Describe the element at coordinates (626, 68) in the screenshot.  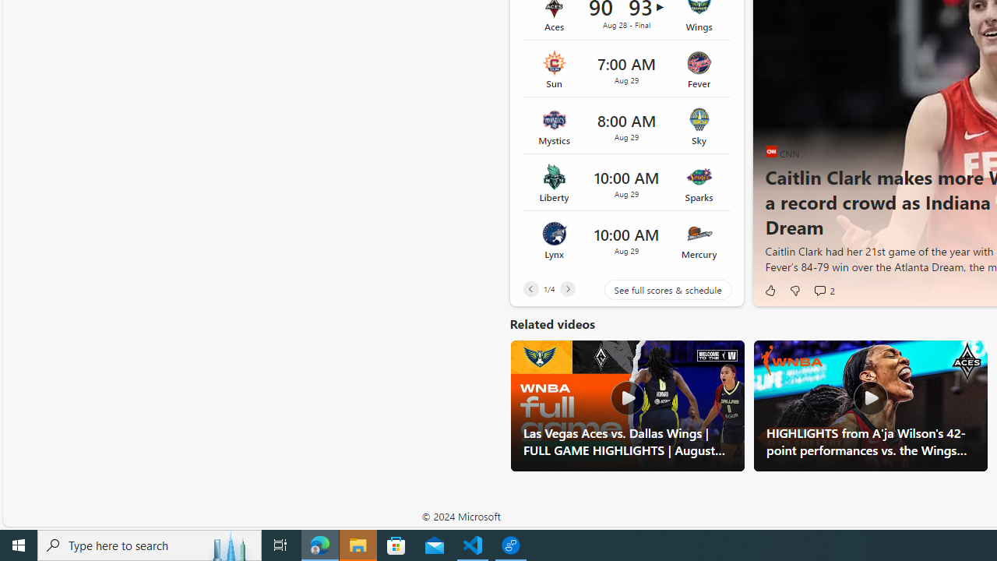
I see `'Sun vs Fever Time 7:00 AM Date Aug 29'` at that location.